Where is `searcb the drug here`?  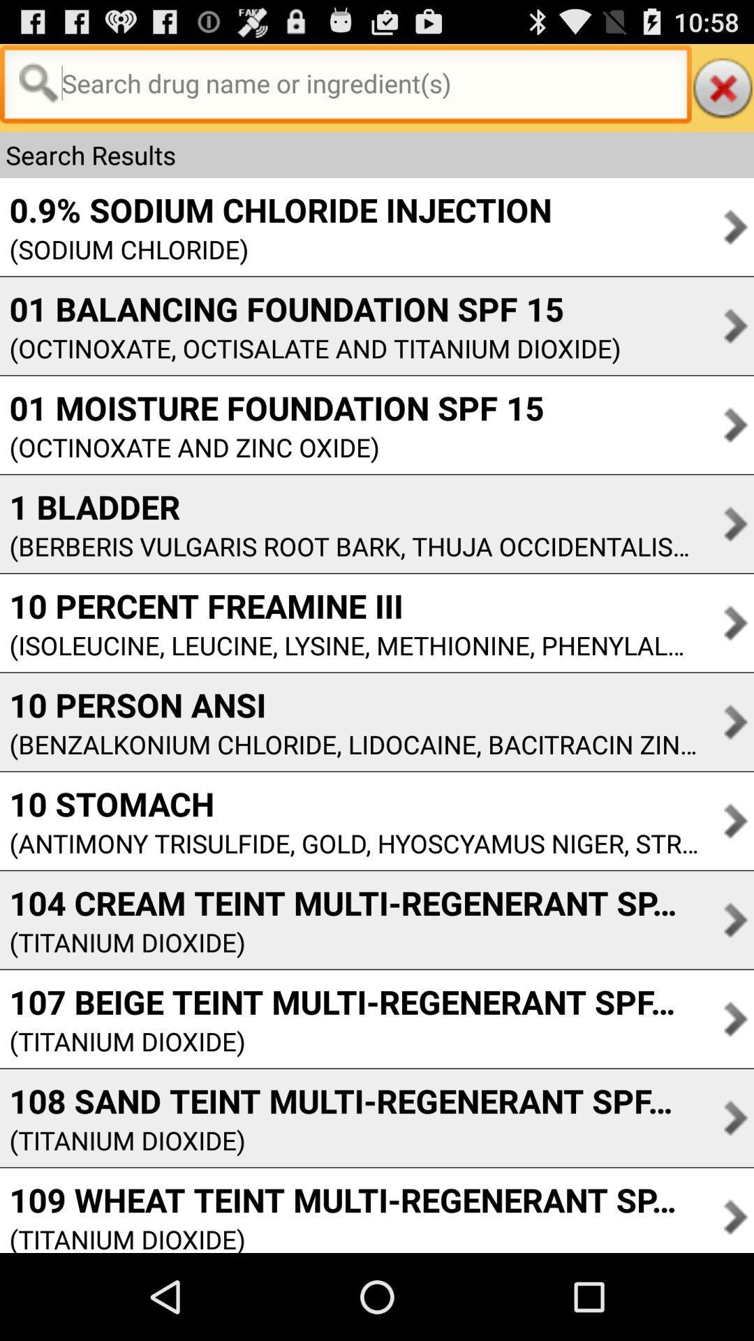
searcb the drug here is located at coordinates (346, 87).